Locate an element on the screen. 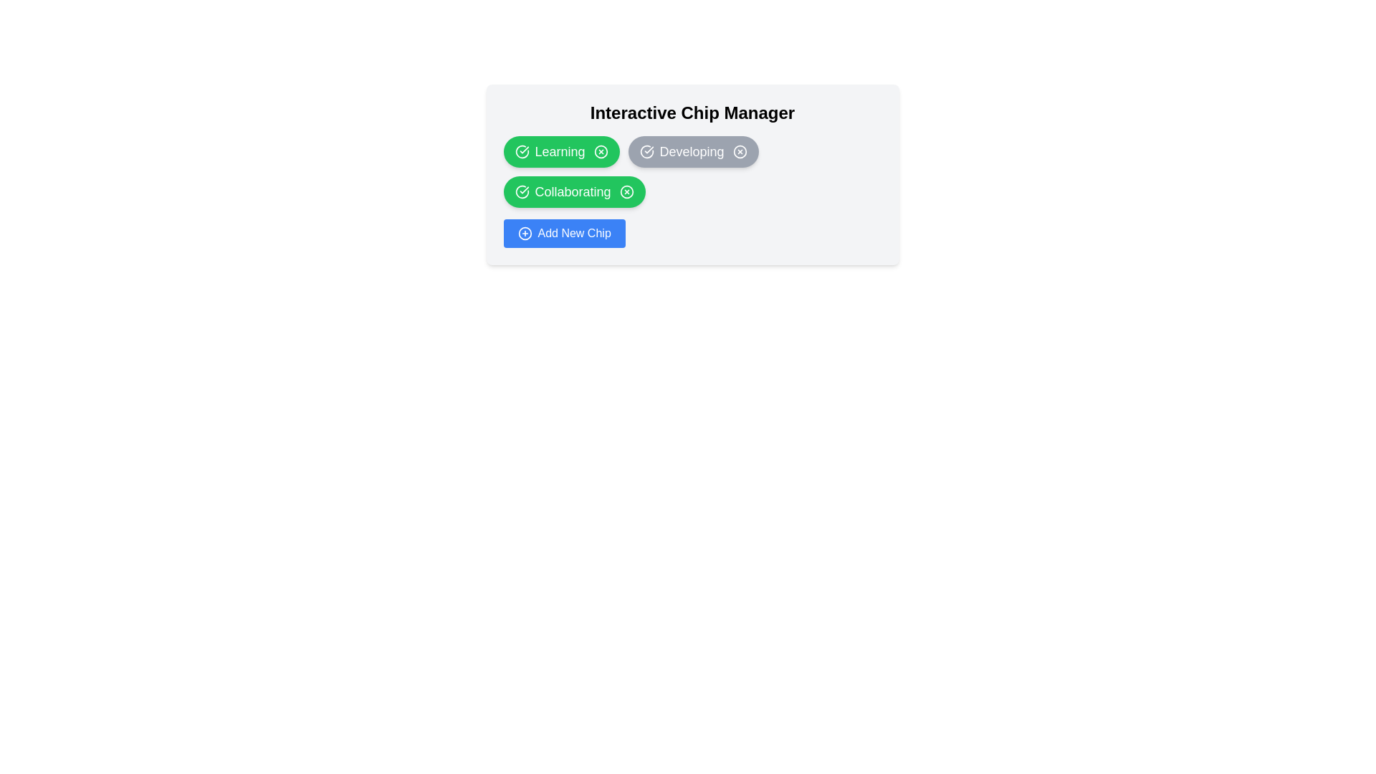 This screenshot has height=774, width=1376. the active/completed status icon located to the left of the 'Developing' text within the second chip from the top is located at coordinates (646, 152).